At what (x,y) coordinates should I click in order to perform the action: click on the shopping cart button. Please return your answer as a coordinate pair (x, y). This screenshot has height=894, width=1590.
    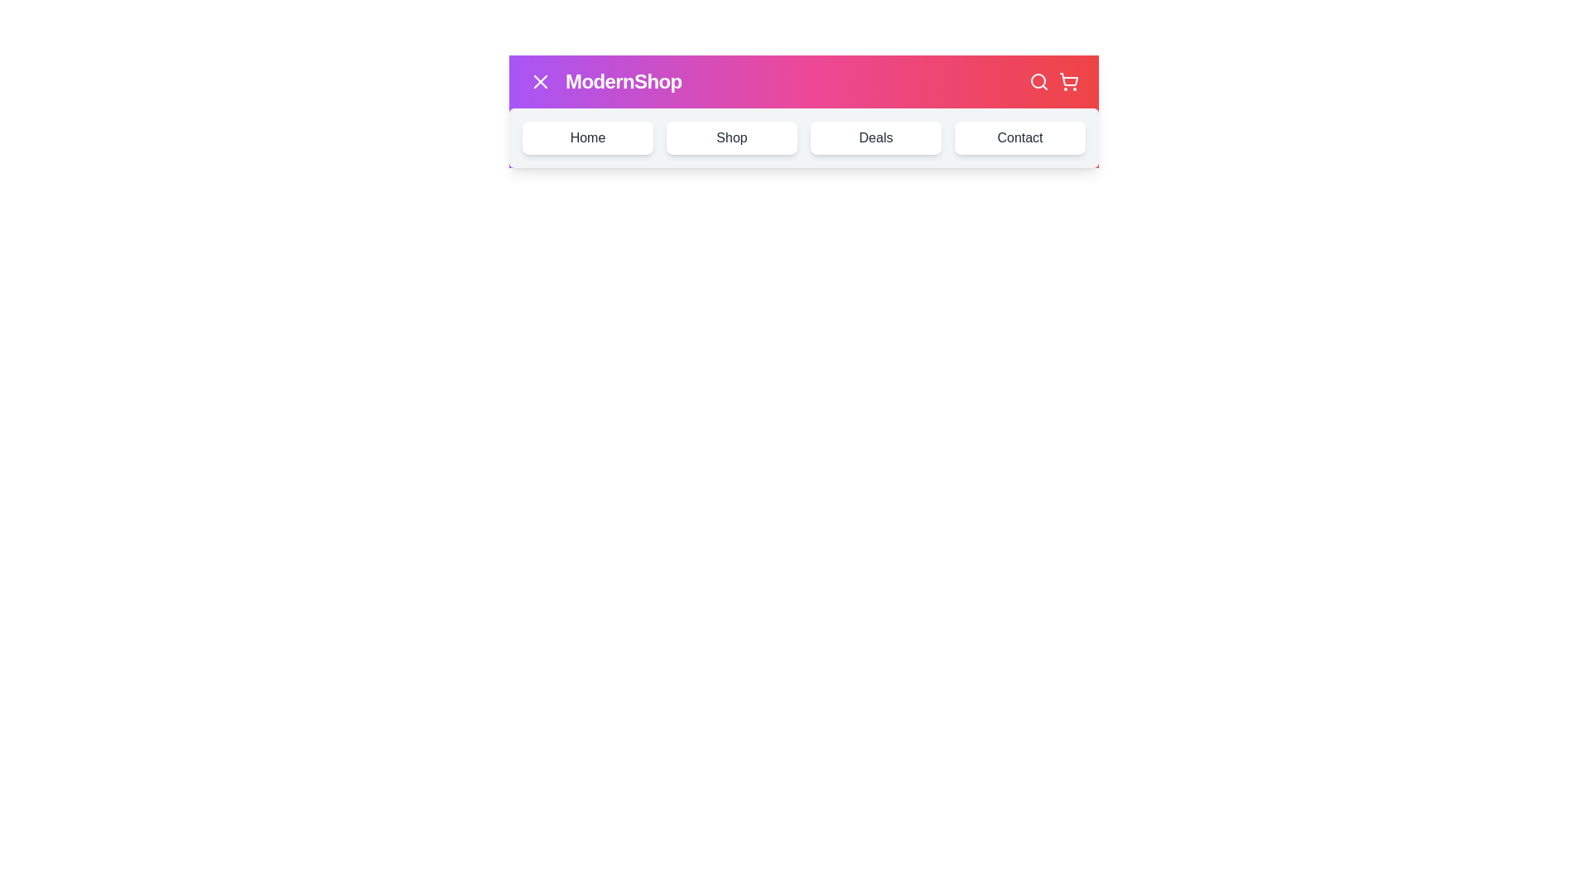
    Looking at the image, I should click on (1069, 82).